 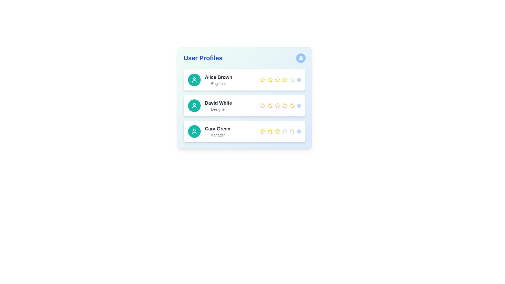 I want to click on the second star-shaped rating icon, which is yellow with a thin border, in a horizontal sequence of five stars used for evaluations, so click(x=270, y=105).